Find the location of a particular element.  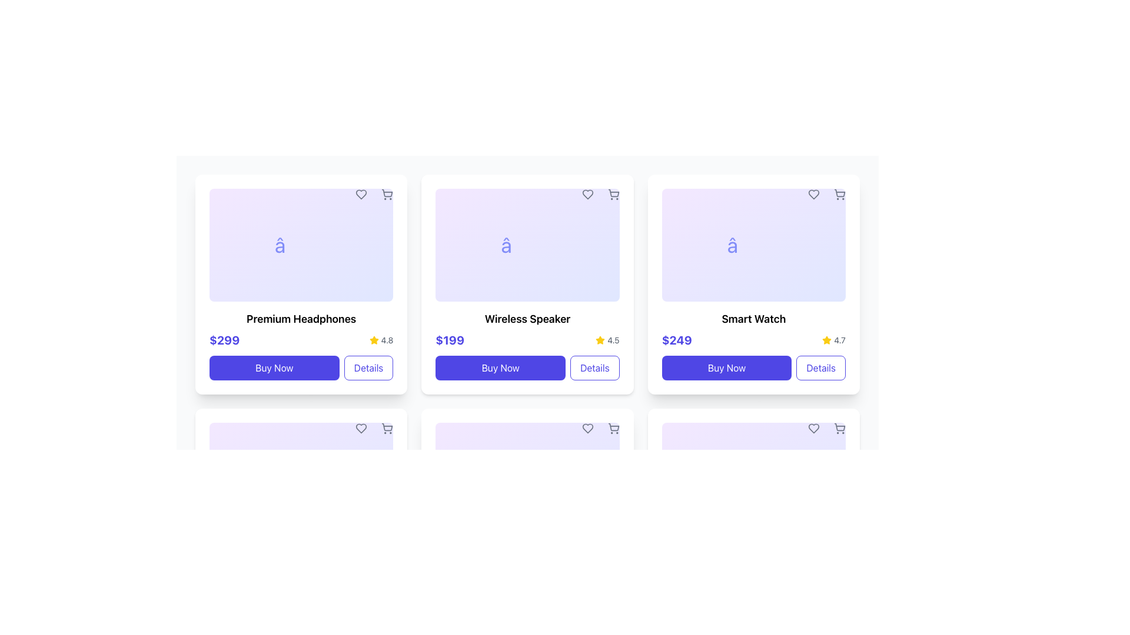

the shopping cart icon button located in the top-right corner of the third product card (Smart Watch) to trigger the hover effect is located at coordinates (839, 194).